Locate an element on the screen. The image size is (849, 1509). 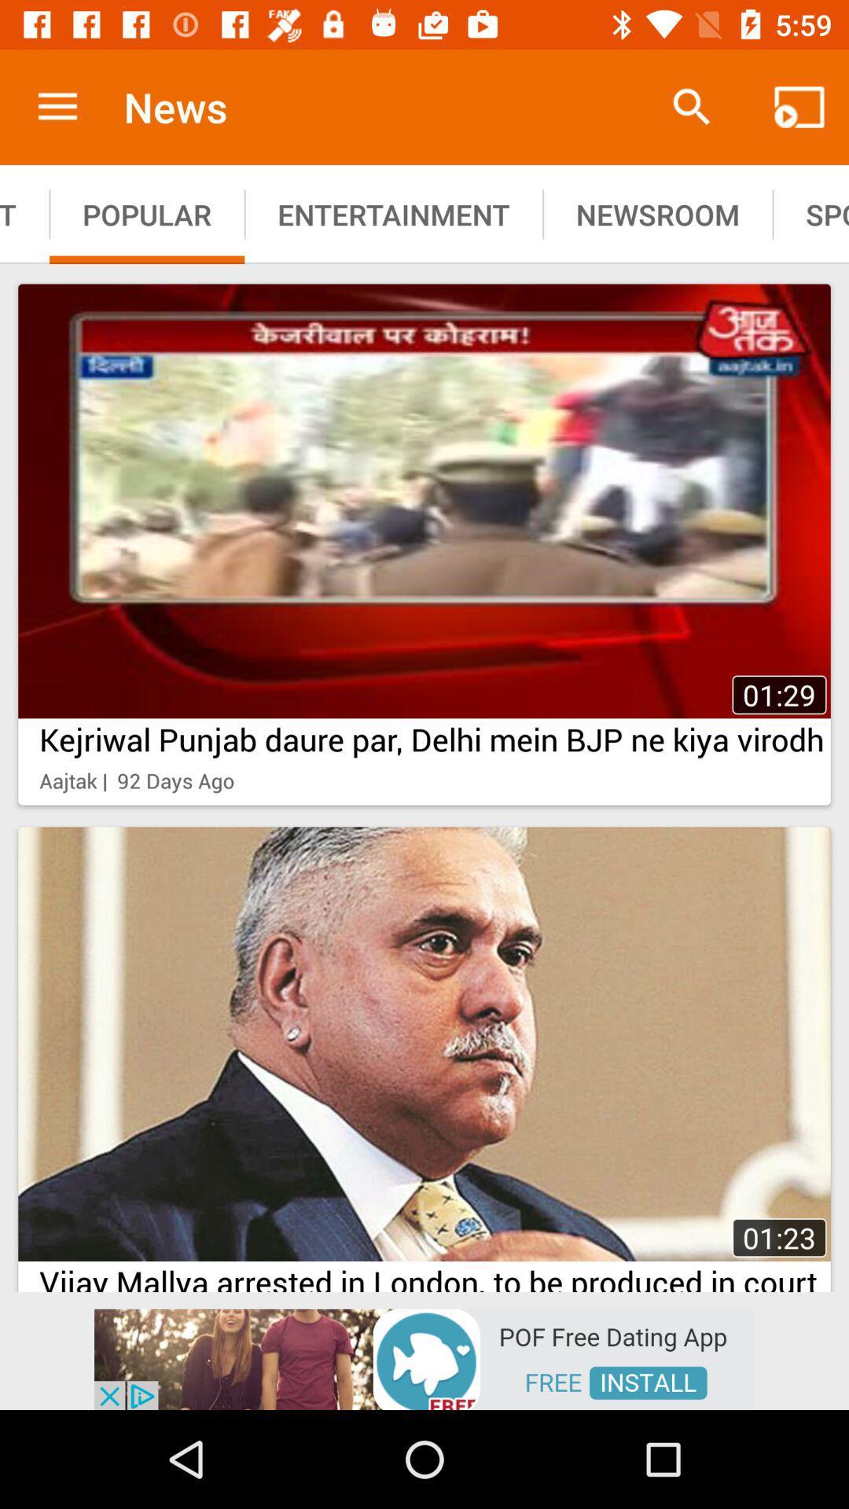
the first video is located at coordinates (424, 501).